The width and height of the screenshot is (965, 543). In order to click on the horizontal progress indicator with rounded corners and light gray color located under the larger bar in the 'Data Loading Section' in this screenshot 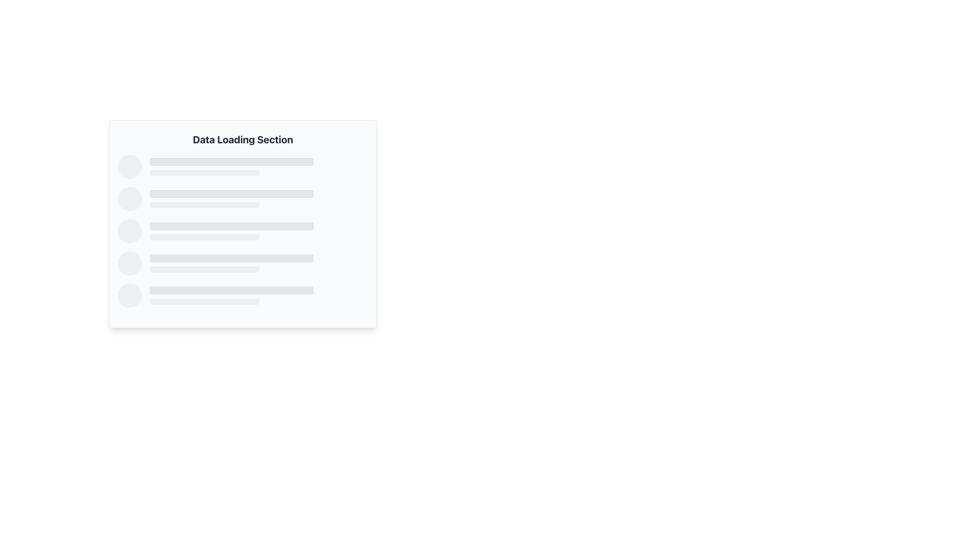, I will do `click(204, 172)`.